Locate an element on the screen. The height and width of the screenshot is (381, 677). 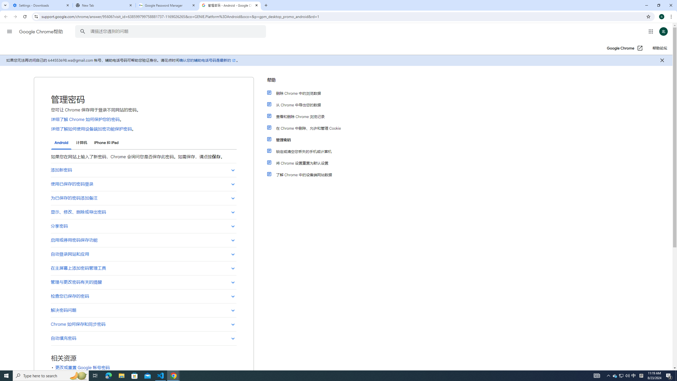
'Android' is located at coordinates (61, 143).